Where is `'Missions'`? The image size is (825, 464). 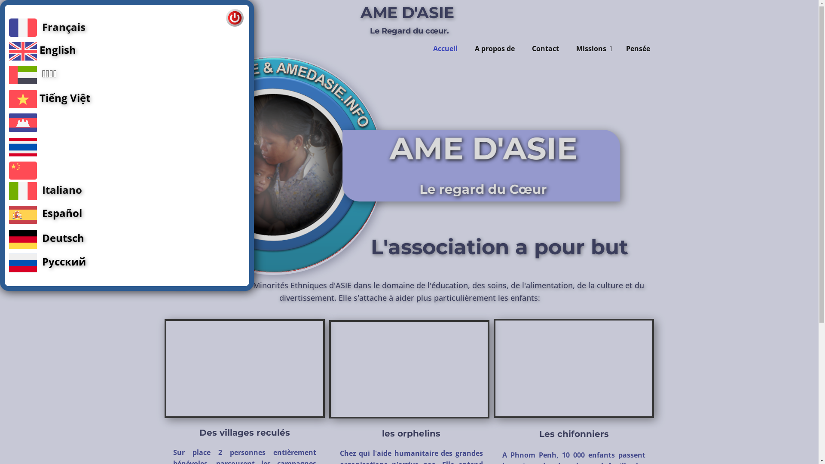 'Missions' is located at coordinates (571, 48).